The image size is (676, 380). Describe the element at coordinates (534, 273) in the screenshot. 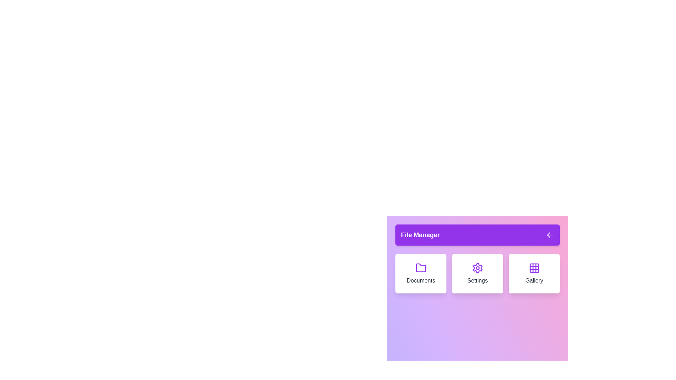

I see `the 'Gallery' item to view the gallery` at that location.